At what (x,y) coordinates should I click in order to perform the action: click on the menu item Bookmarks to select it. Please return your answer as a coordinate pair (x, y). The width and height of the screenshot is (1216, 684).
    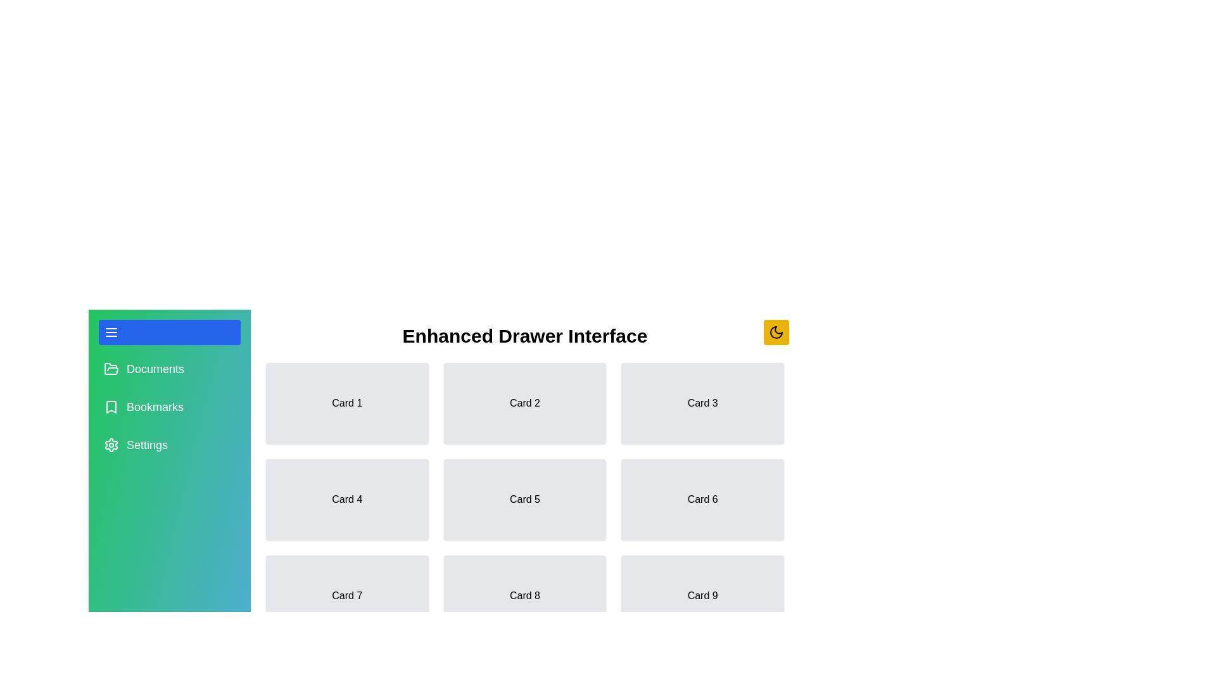
    Looking at the image, I should click on (169, 407).